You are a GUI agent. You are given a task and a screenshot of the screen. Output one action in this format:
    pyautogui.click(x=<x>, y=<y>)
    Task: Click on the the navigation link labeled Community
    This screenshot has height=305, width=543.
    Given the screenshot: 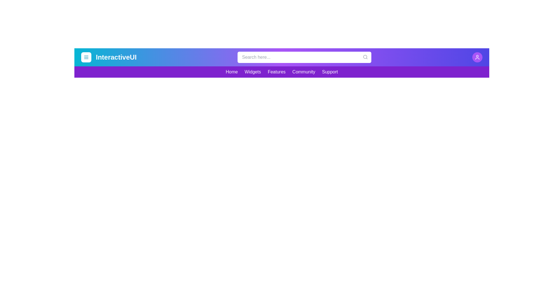 What is the action you would take?
    pyautogui.click(x=303, y=71)
    